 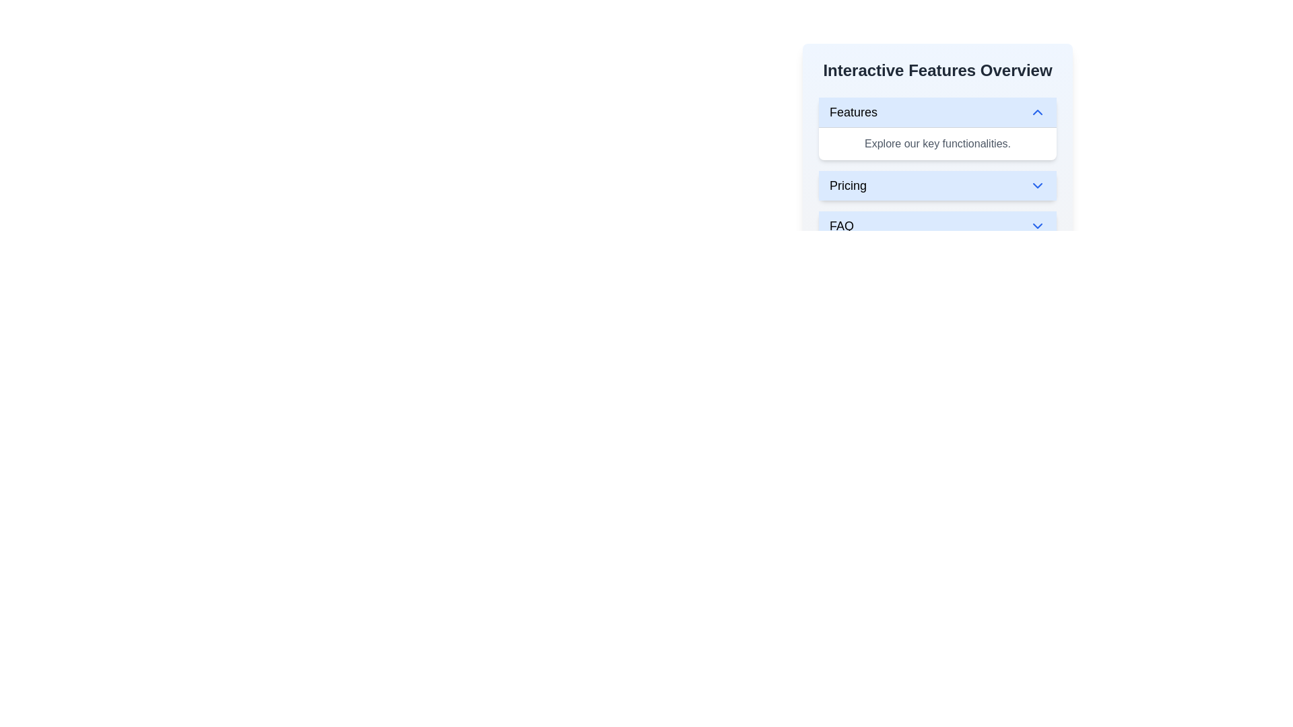 What do you see at coordinates (1036, 225) in the screenshot?
I see `the Dropdown indicator icon located on the far-right side of the 'FAQ' button within the 'Interactive Features Overview' section` at bounding box center [1036, 225].